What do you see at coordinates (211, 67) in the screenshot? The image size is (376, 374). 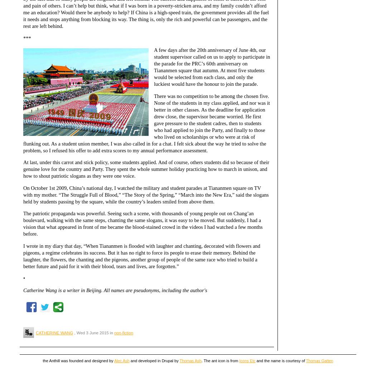 I see `'A few days after the 20th anniversary of June 4th, our student supervisor called on us to apply to participate in the parade for the PRC’s 60th anniversary on Tiananmen square that autumn. At most five students would be selected from each class, and only the luckiest would have the honour to join the parade.'` at bounding box center [211, 67].